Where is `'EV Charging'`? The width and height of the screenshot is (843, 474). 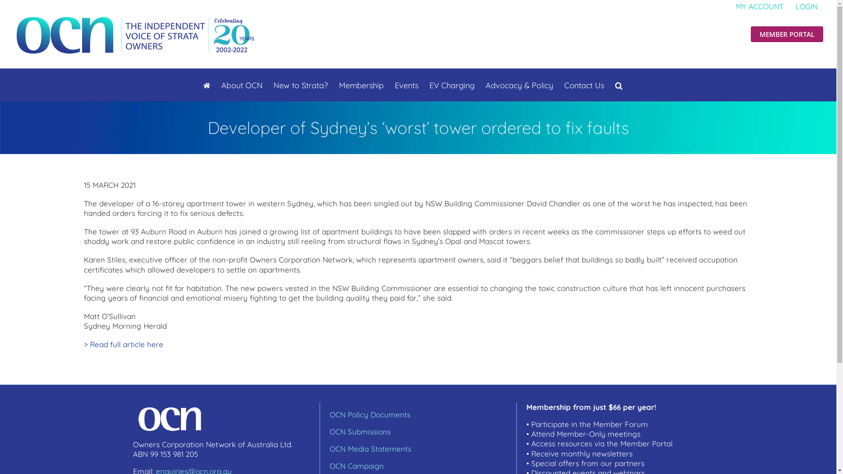 'EV Charging' is located at coordinates (452, 84).